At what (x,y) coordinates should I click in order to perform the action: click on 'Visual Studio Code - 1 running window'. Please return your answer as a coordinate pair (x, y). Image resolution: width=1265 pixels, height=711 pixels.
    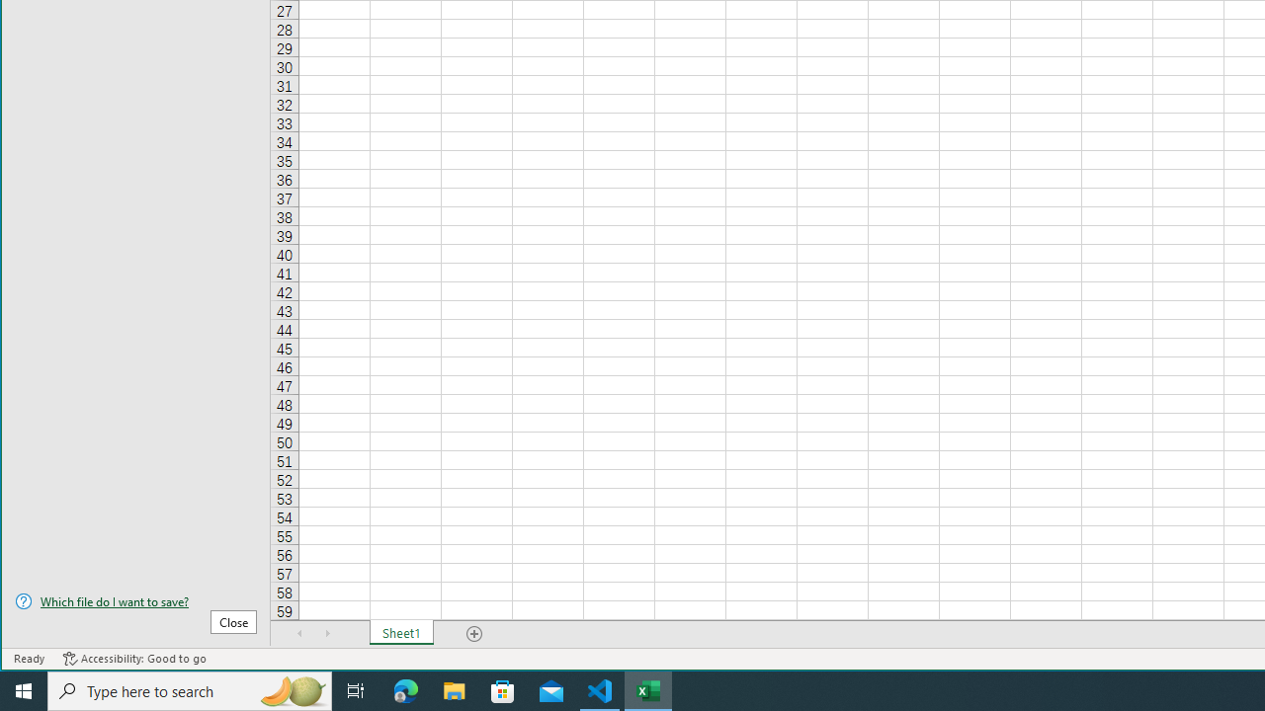
    Looking at the image, I should click on (599, 689).